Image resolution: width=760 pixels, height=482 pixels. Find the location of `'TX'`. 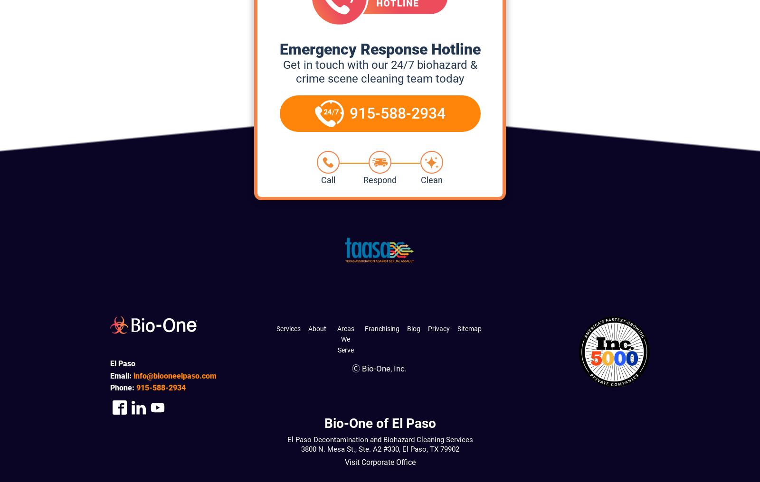

'TX' is located at coordinates (433, 449).